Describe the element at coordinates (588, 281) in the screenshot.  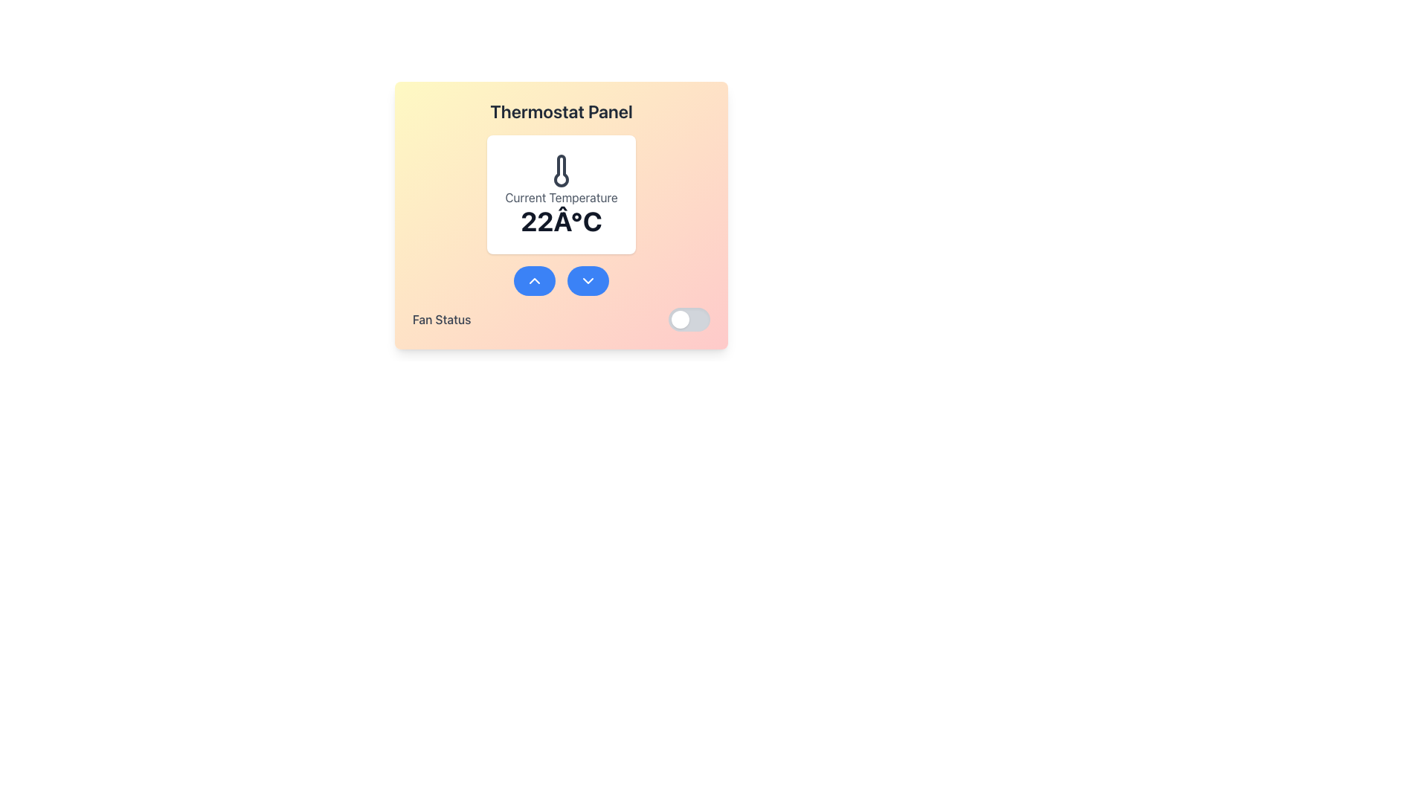
I see `the downward-pointing chevron arrow icon within the blue circular button at the bottom of the thermostat panel` at that location.